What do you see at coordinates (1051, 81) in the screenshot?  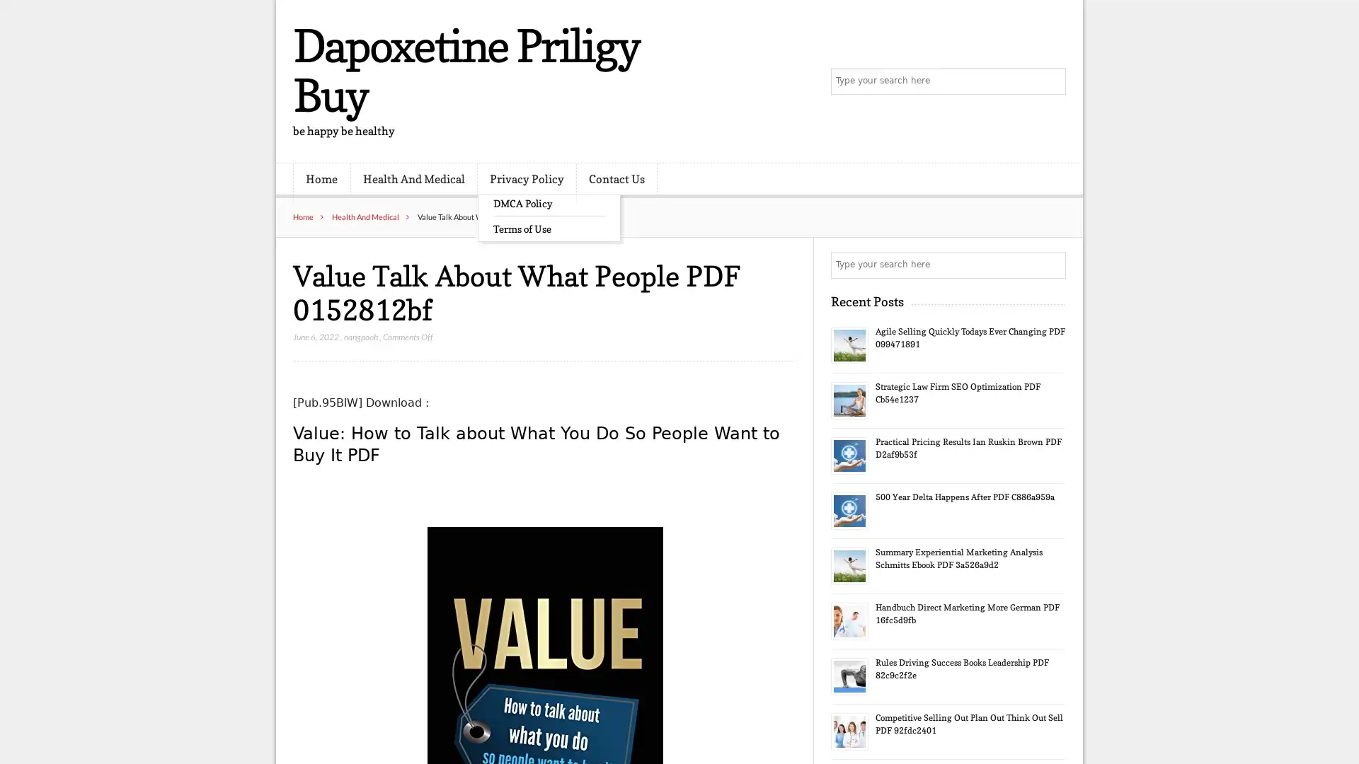 I see `Search` at bounding box center [1051, 81].